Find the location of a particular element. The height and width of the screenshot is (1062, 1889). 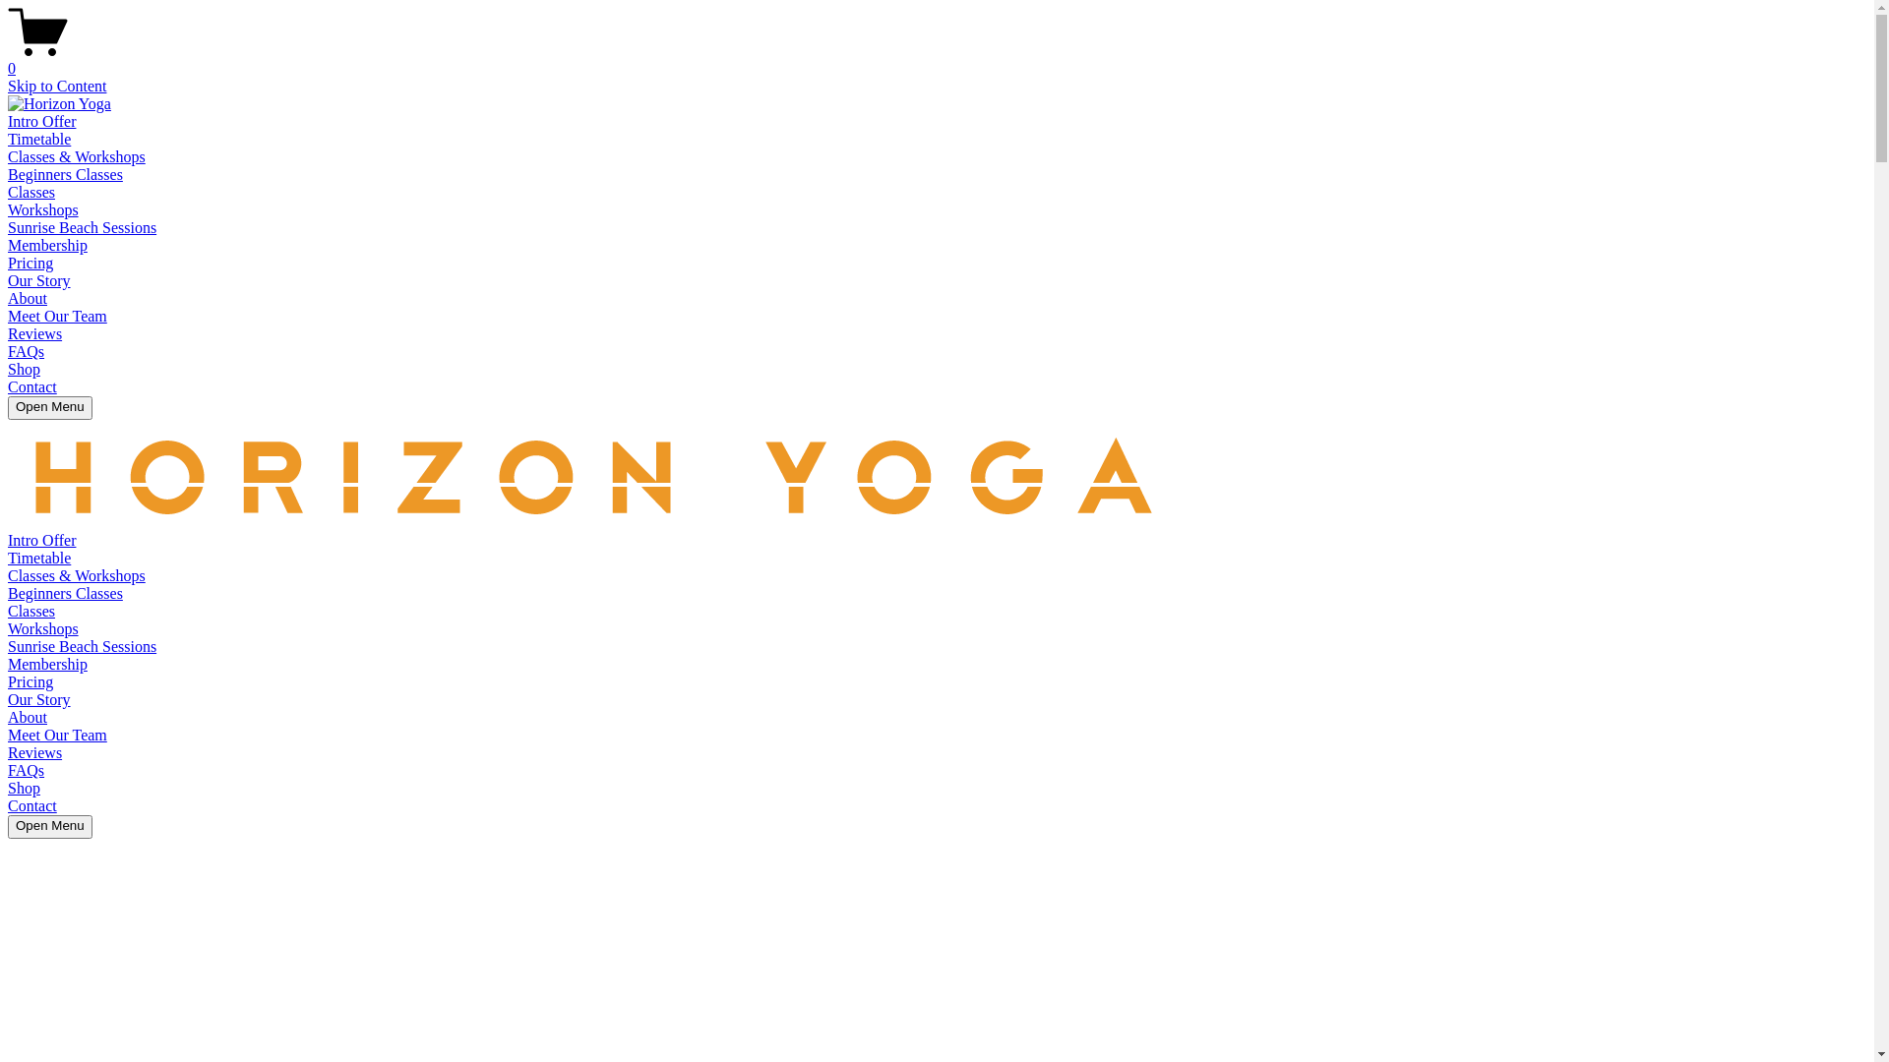

'About' is located at coordinates (28, 717).